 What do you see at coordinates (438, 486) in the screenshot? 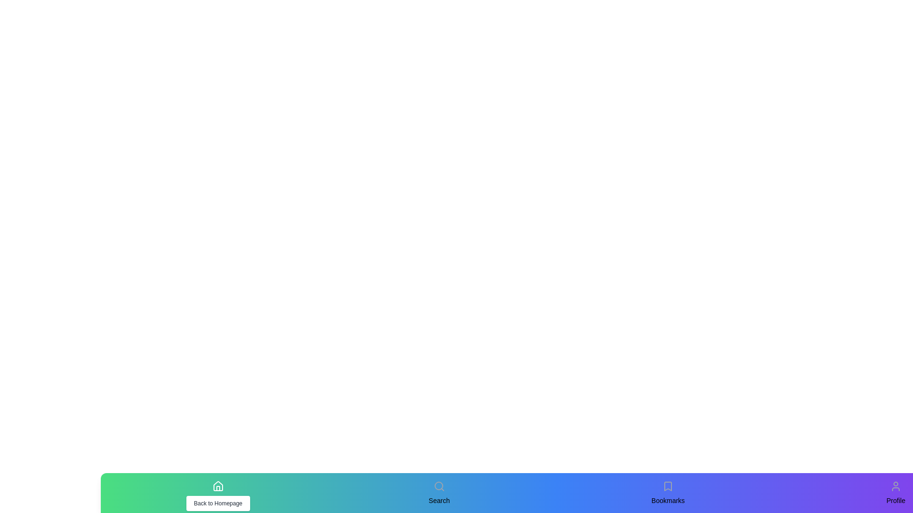
I see `the tab labeled Search to activate its functionality` at bounding box center [438, 486].